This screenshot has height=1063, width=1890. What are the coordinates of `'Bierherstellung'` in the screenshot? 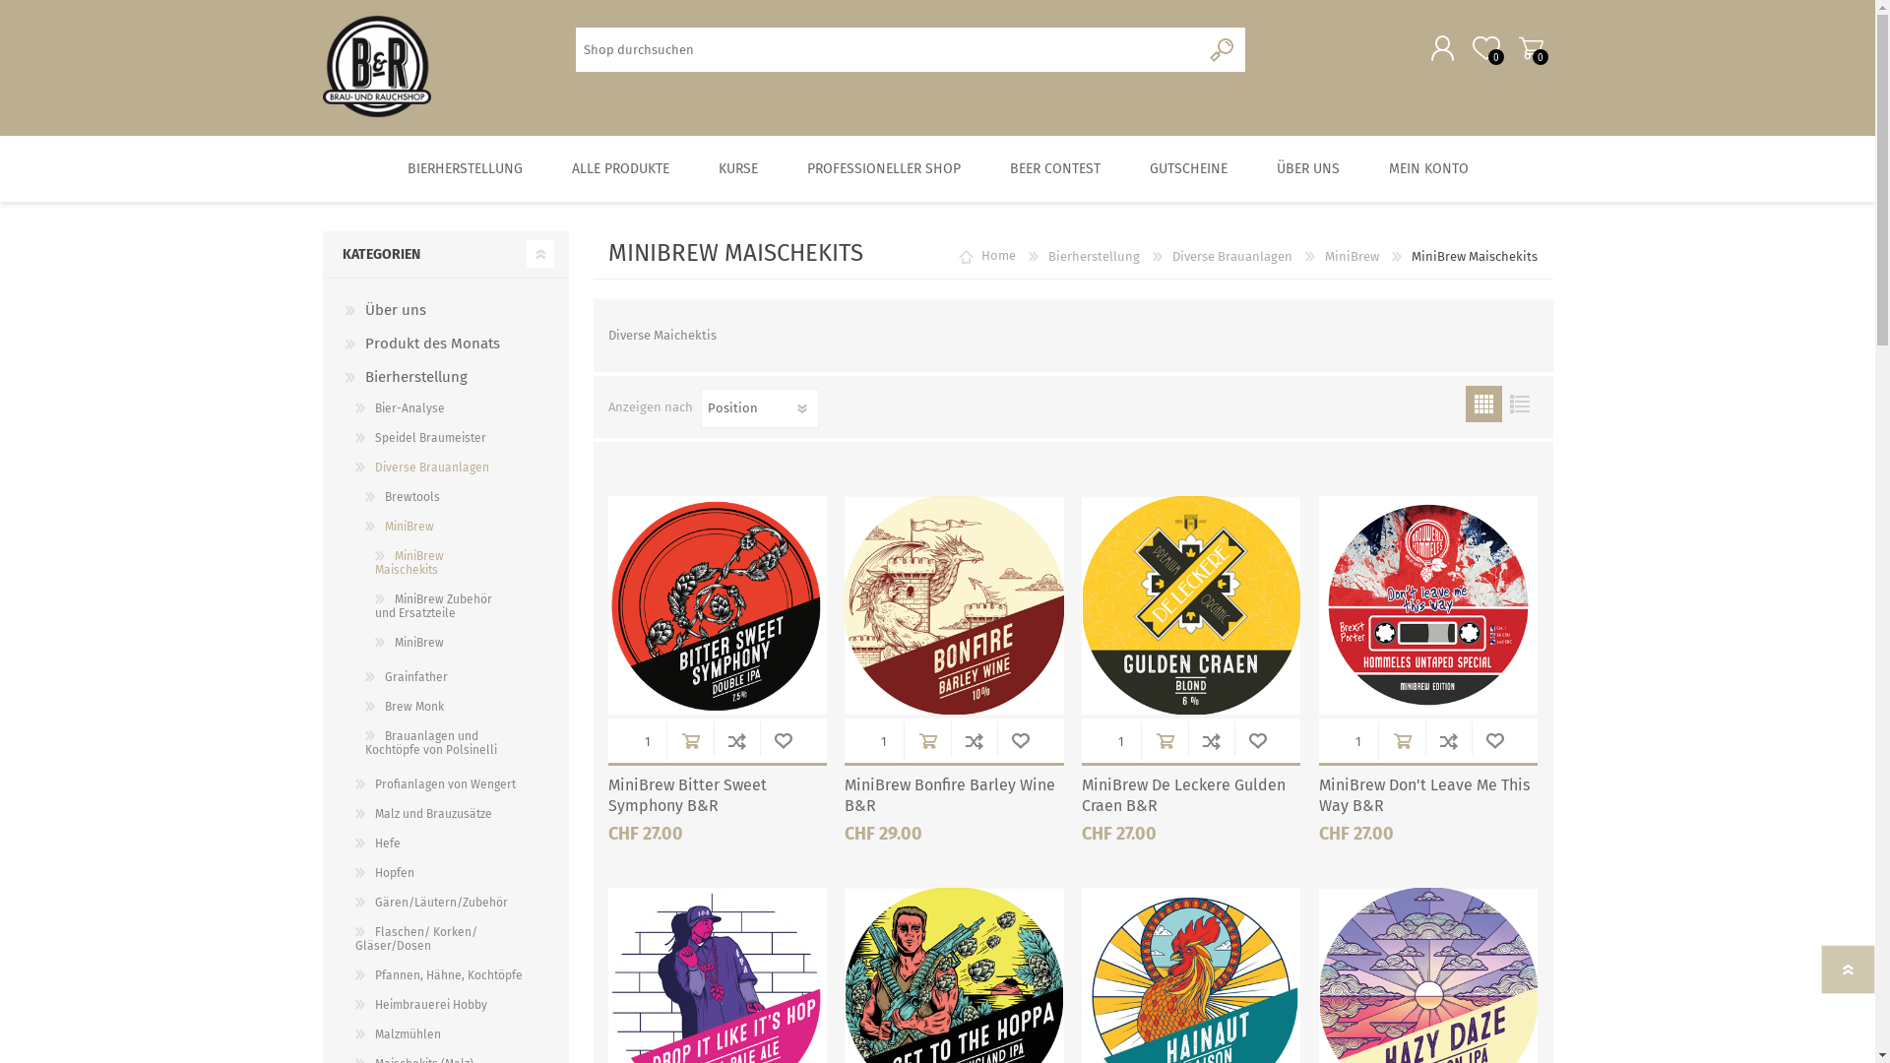 It's located at (405, 376).